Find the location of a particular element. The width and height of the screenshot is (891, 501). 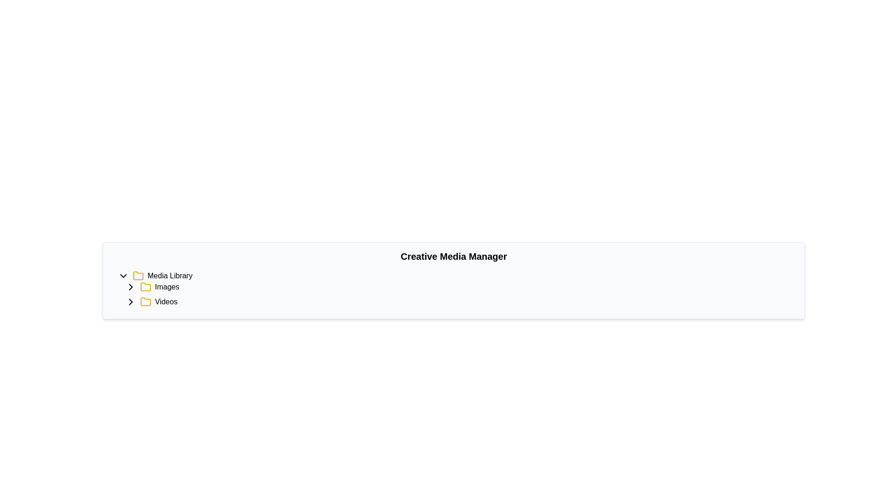

the text label displaying 'Images', which is positioned to the right of a folder icon within the tree navigation structure is located at coordinates (167, 286).